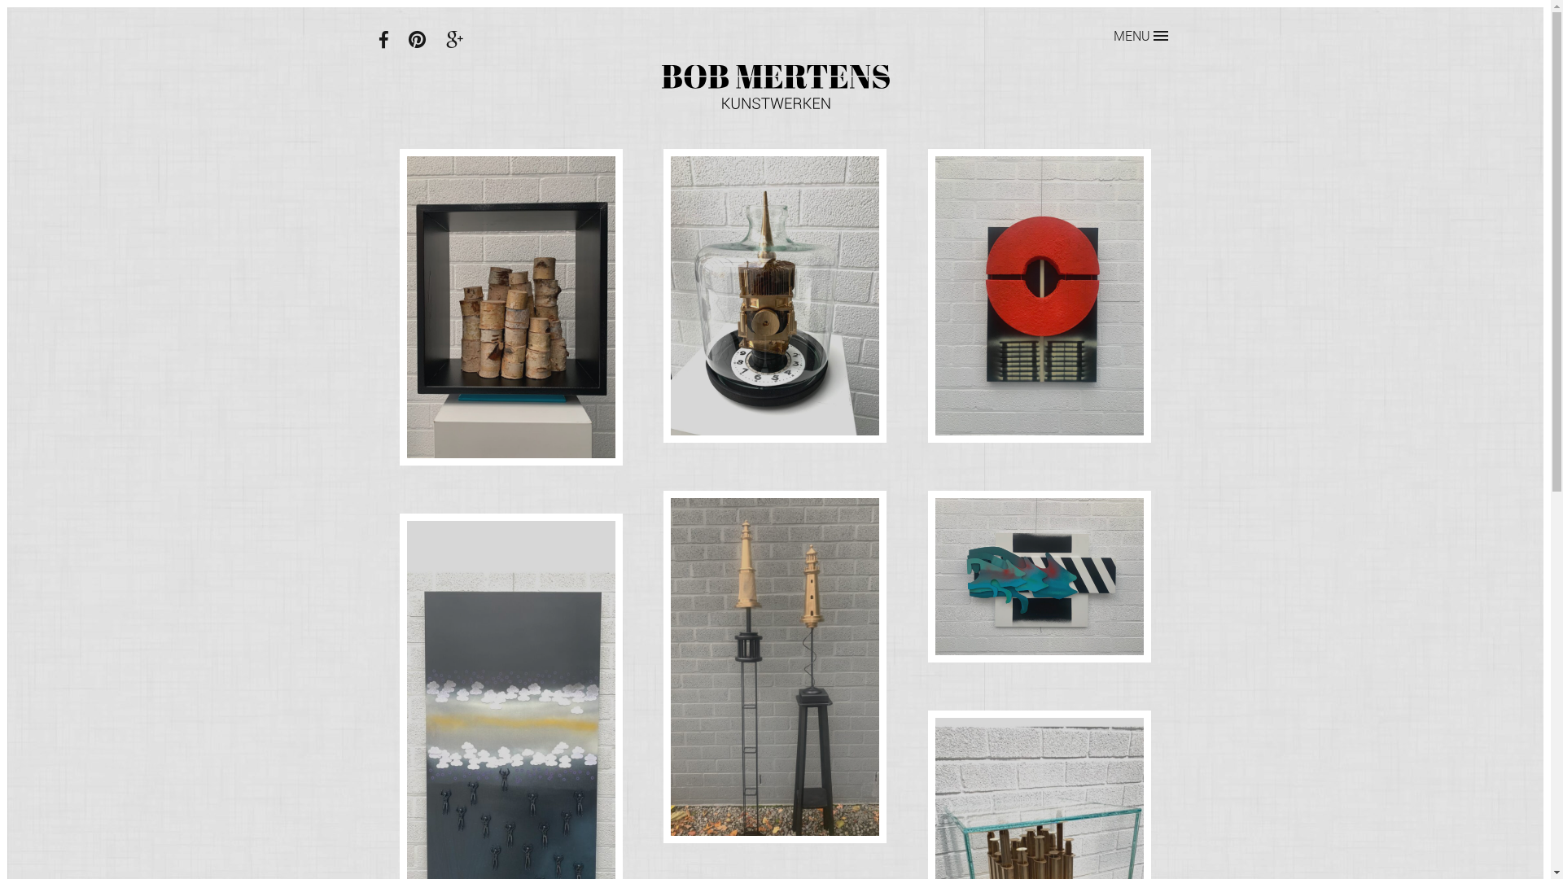  I want to click on 'IMG_1337', so click(774, 667).